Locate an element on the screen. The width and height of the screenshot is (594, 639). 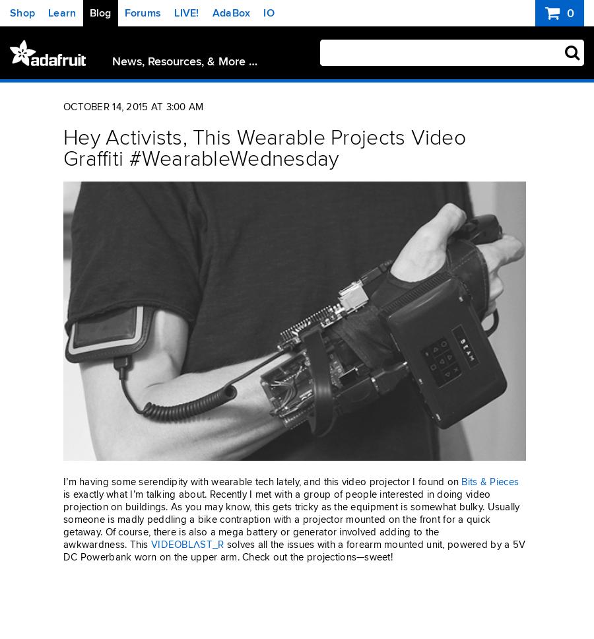
'Bits & Pieces' is located at coordinates (461, 481).